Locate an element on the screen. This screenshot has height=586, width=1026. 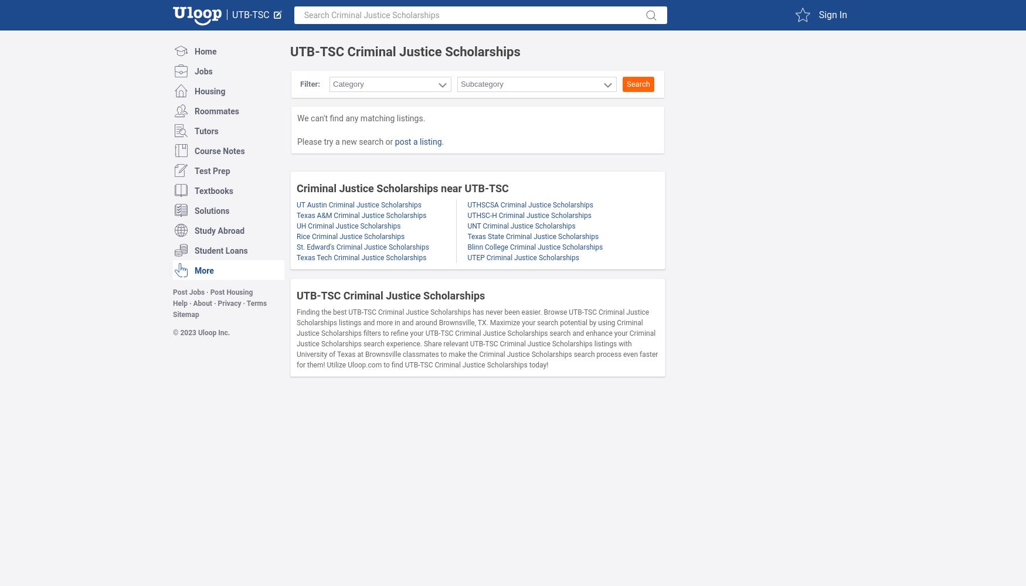
'Rice Criminal Justice Scholarships' is located at coordinates (350, 237).